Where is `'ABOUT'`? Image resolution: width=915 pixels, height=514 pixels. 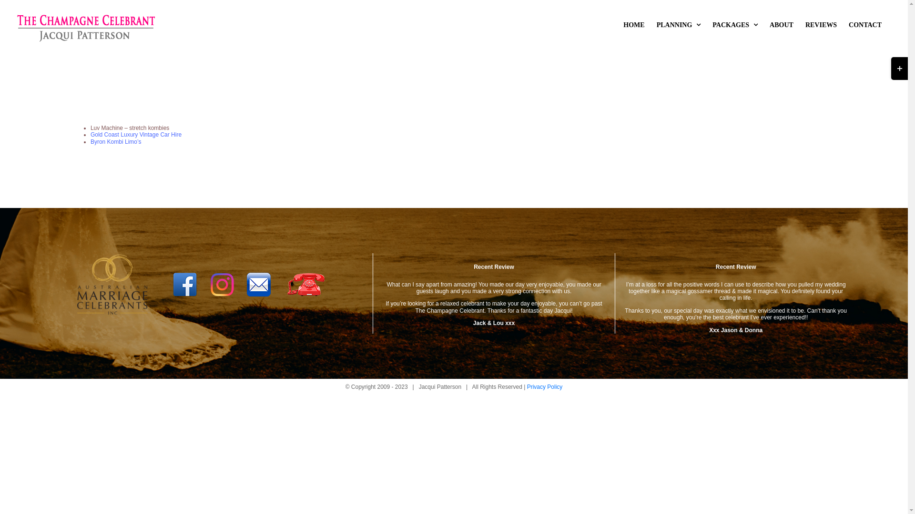
'ABOUT' is located at coordinates (782, 24).